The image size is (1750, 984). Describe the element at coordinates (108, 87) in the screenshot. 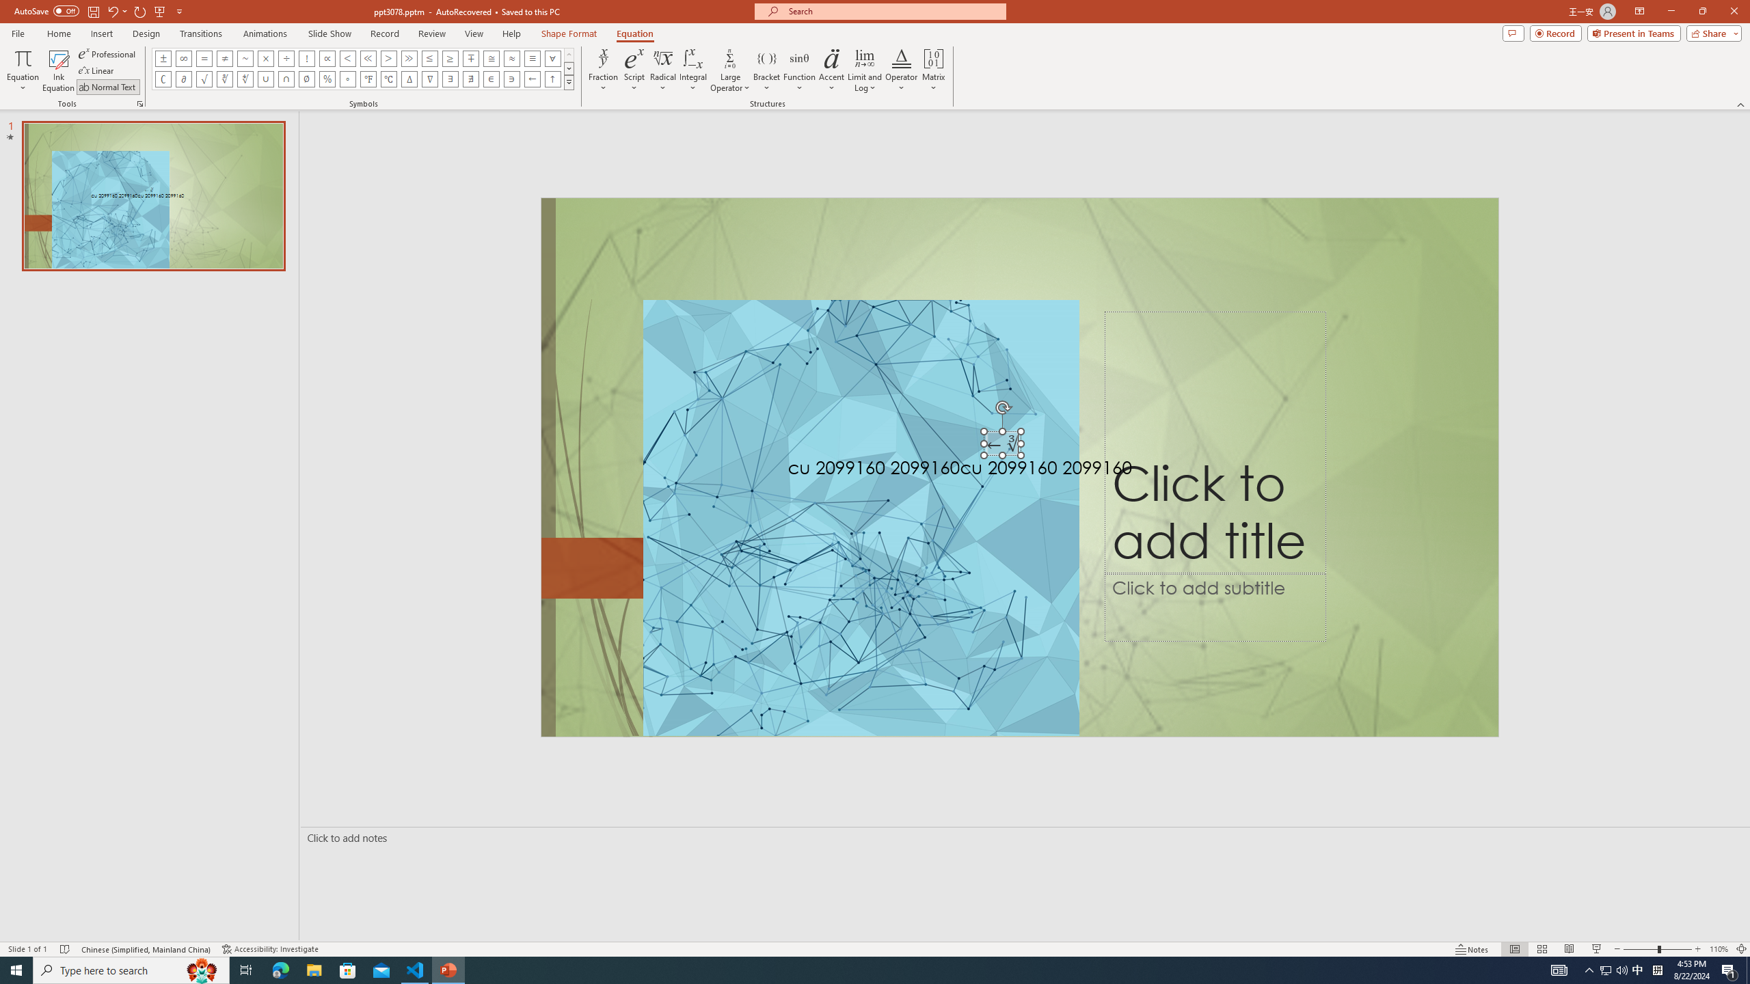

I see `'Normal Text'` at that location.